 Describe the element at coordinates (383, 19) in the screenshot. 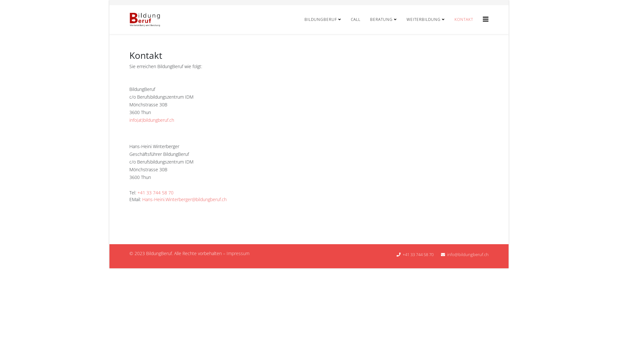

I see `'BERATUNG'` at that location.